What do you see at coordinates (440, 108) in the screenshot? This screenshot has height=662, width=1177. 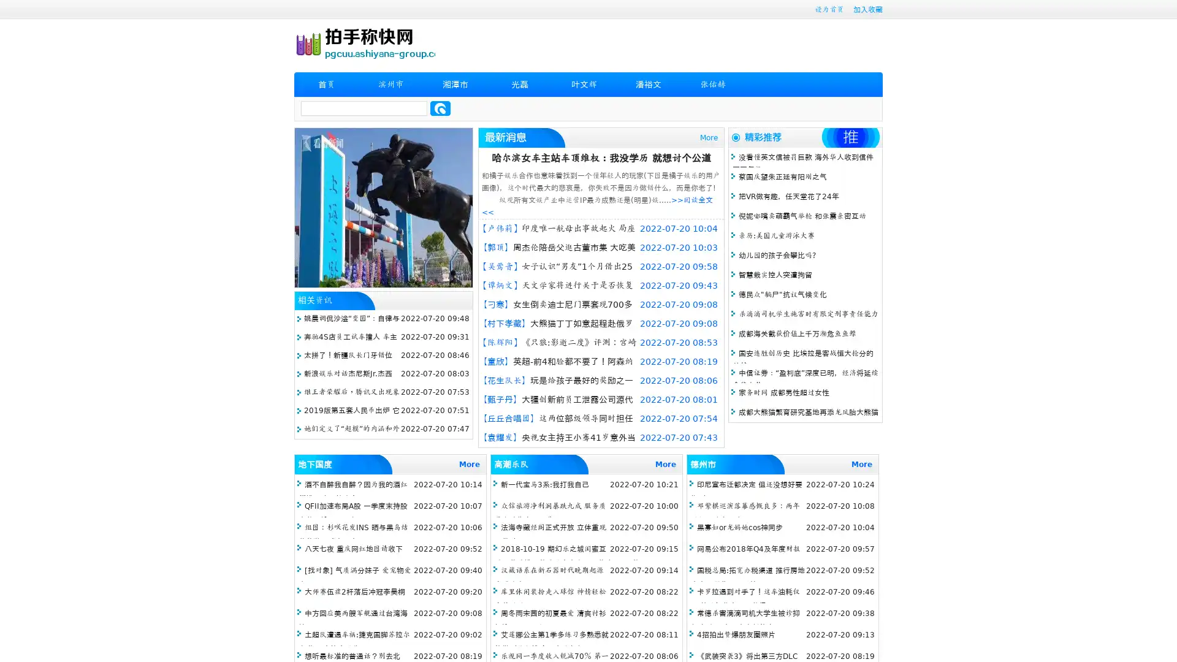 I see `Search` at bounding box center [440, 108].